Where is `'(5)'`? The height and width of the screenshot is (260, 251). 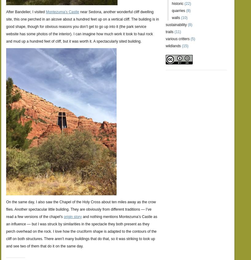 '(5)' is located at coordinates (189, 39).